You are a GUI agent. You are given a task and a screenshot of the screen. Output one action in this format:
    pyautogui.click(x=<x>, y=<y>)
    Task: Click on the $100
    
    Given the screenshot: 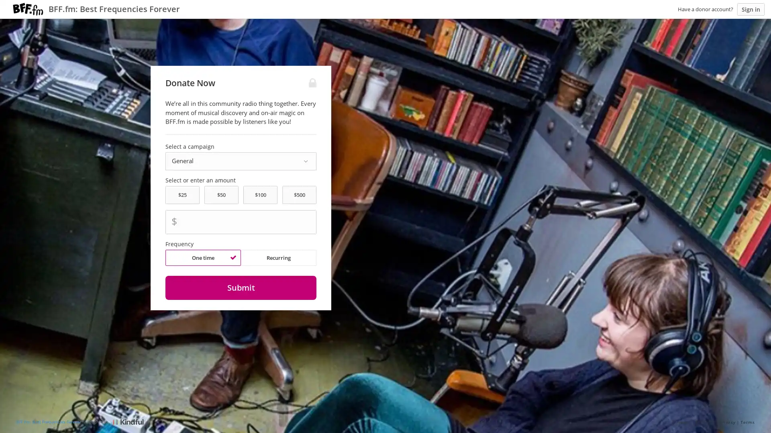 What is the action you would take?
    pyautogui.click(x=260, y=194)
    